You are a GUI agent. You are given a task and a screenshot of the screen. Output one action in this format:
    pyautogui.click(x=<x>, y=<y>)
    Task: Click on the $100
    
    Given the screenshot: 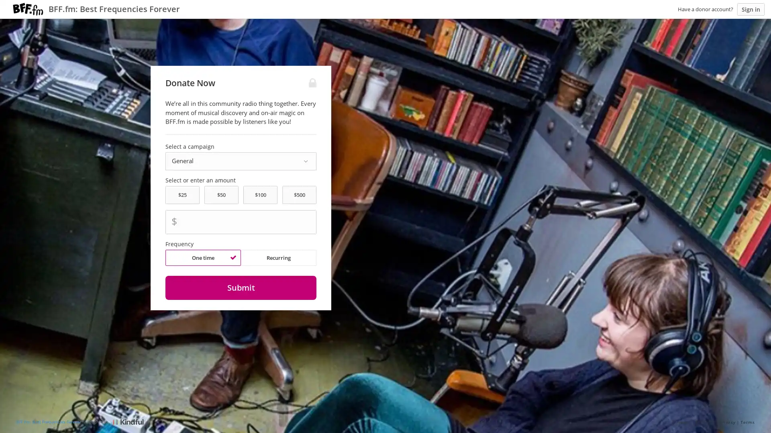 What is the action you would take?
    pyautogui.click(x=260, y=194)
    